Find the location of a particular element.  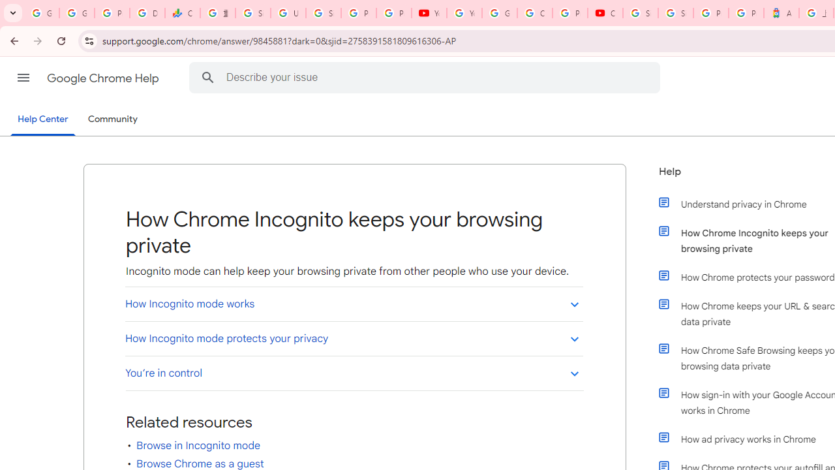

'Atour Hotel - Google hotels' is located at coordinates (782, 13).